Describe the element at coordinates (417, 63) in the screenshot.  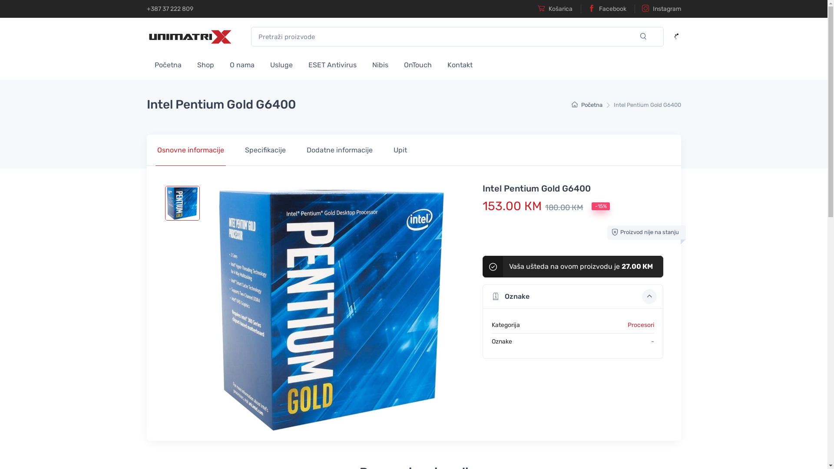
I see `'OnTouch'` at that location.